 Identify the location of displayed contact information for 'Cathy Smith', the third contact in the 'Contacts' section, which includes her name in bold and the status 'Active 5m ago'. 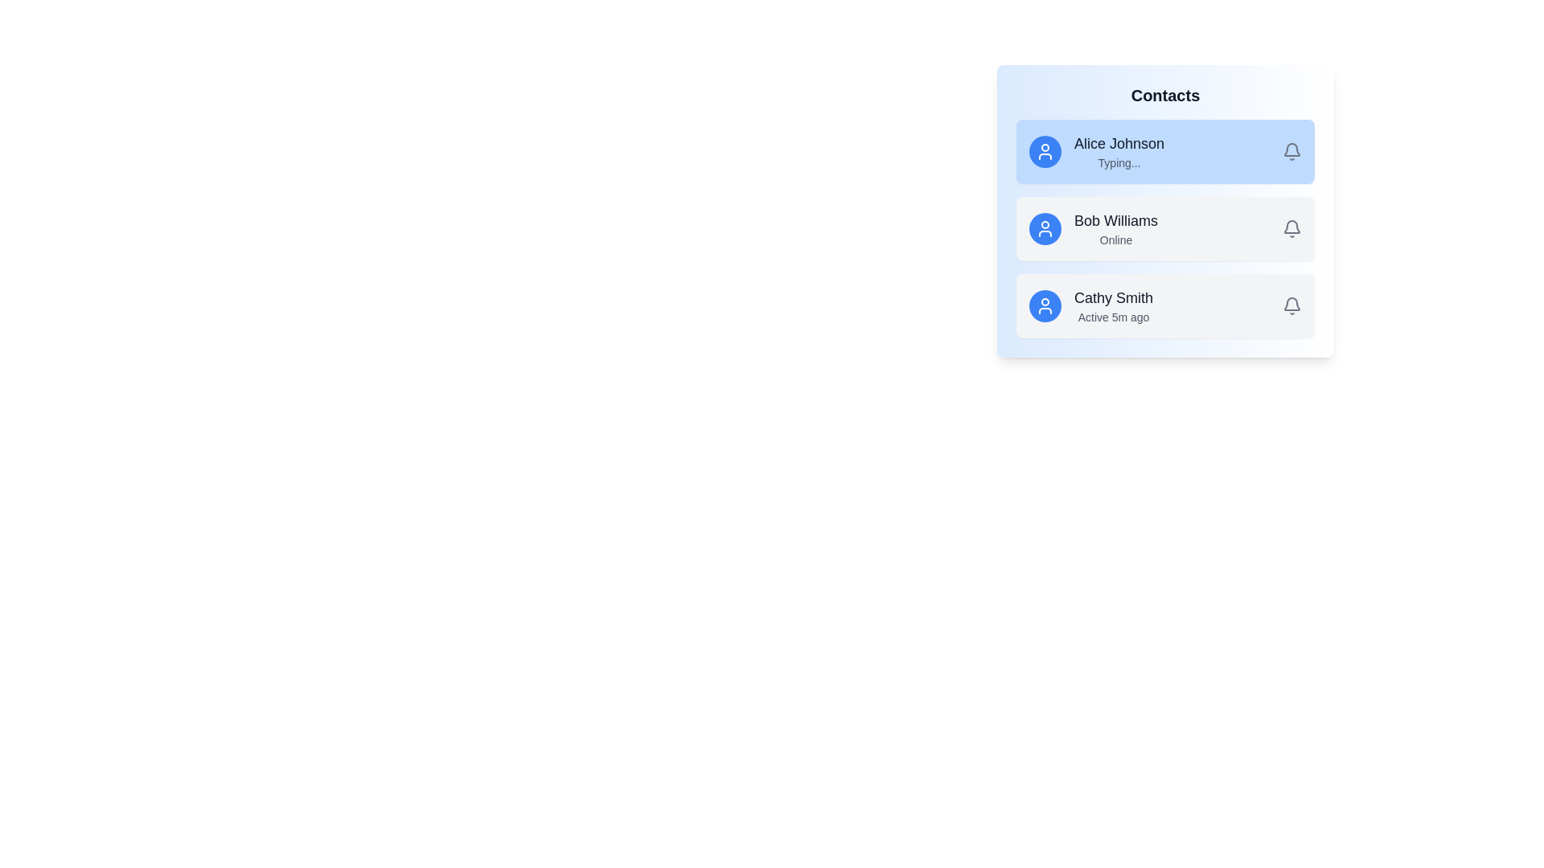
(1113, 306).